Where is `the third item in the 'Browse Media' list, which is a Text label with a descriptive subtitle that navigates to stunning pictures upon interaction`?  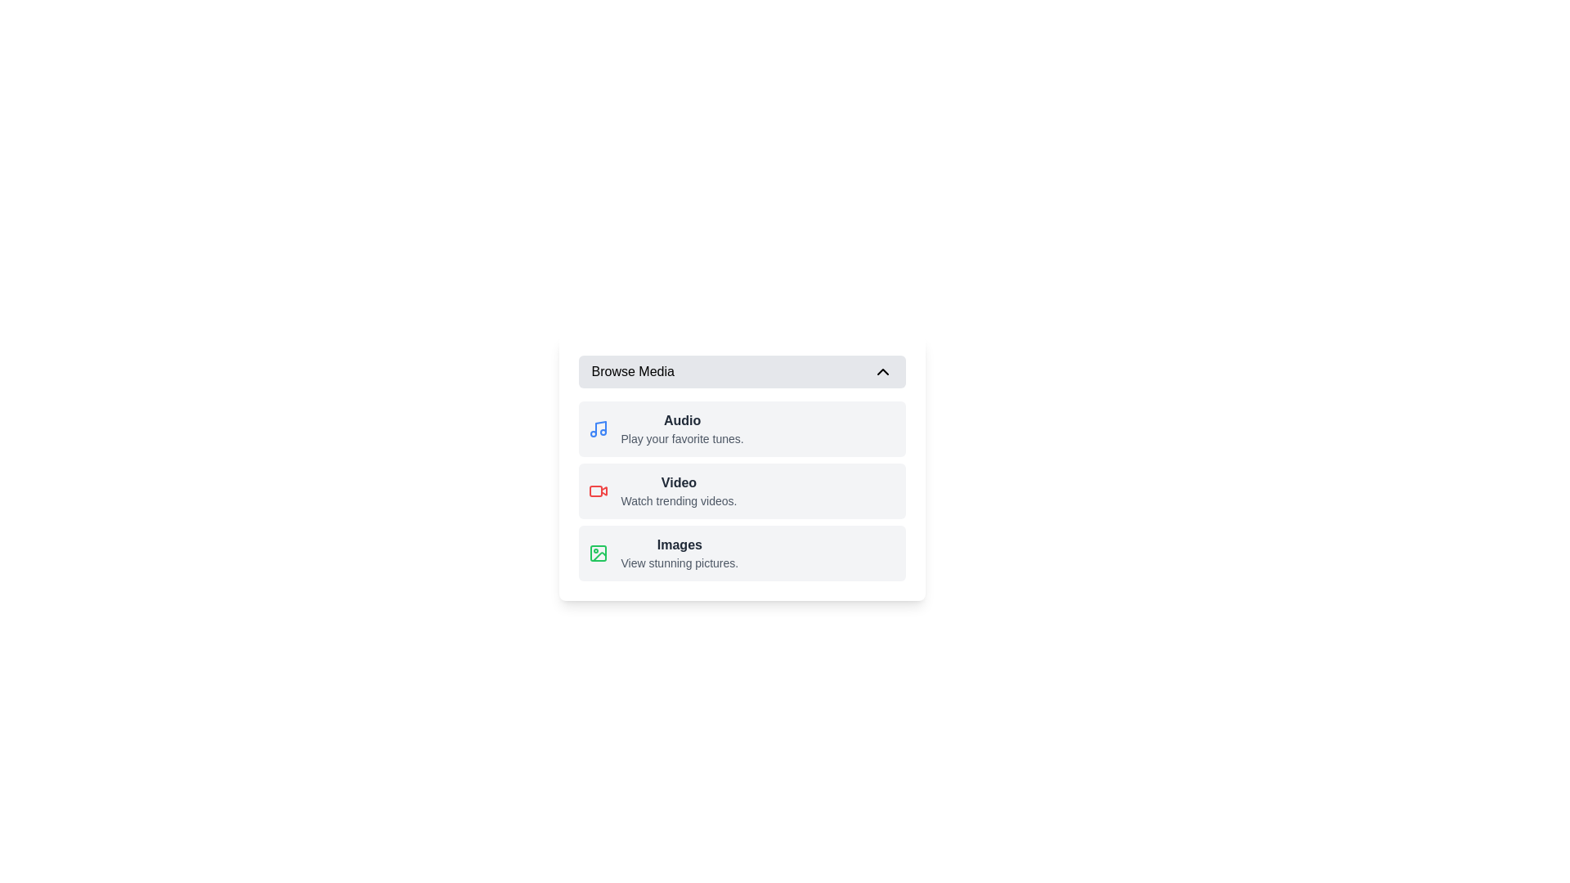 the third item in the 'Browse Media' list, which is a Text label with a descriptive subtitle that navigates to stunning pictures upon interaction is located at coordinates (680, 553).